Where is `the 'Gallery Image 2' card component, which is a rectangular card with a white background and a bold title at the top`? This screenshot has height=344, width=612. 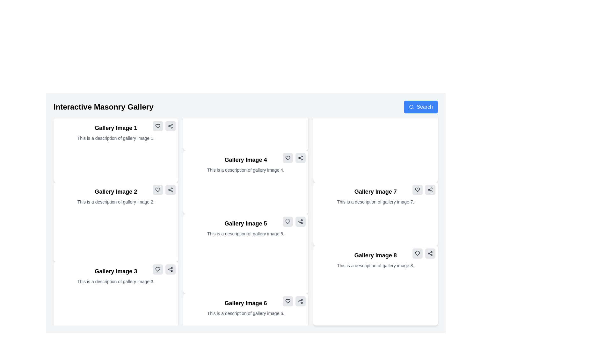
the 'Gallery Image 2' card component, which is a rectangular card with a white background and a bold title at the top is located at coordinates (116, 222).